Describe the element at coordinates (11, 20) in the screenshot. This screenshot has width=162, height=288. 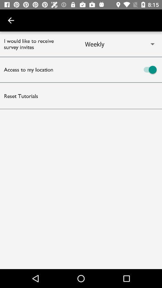
I see `the item above i would like` at that location.